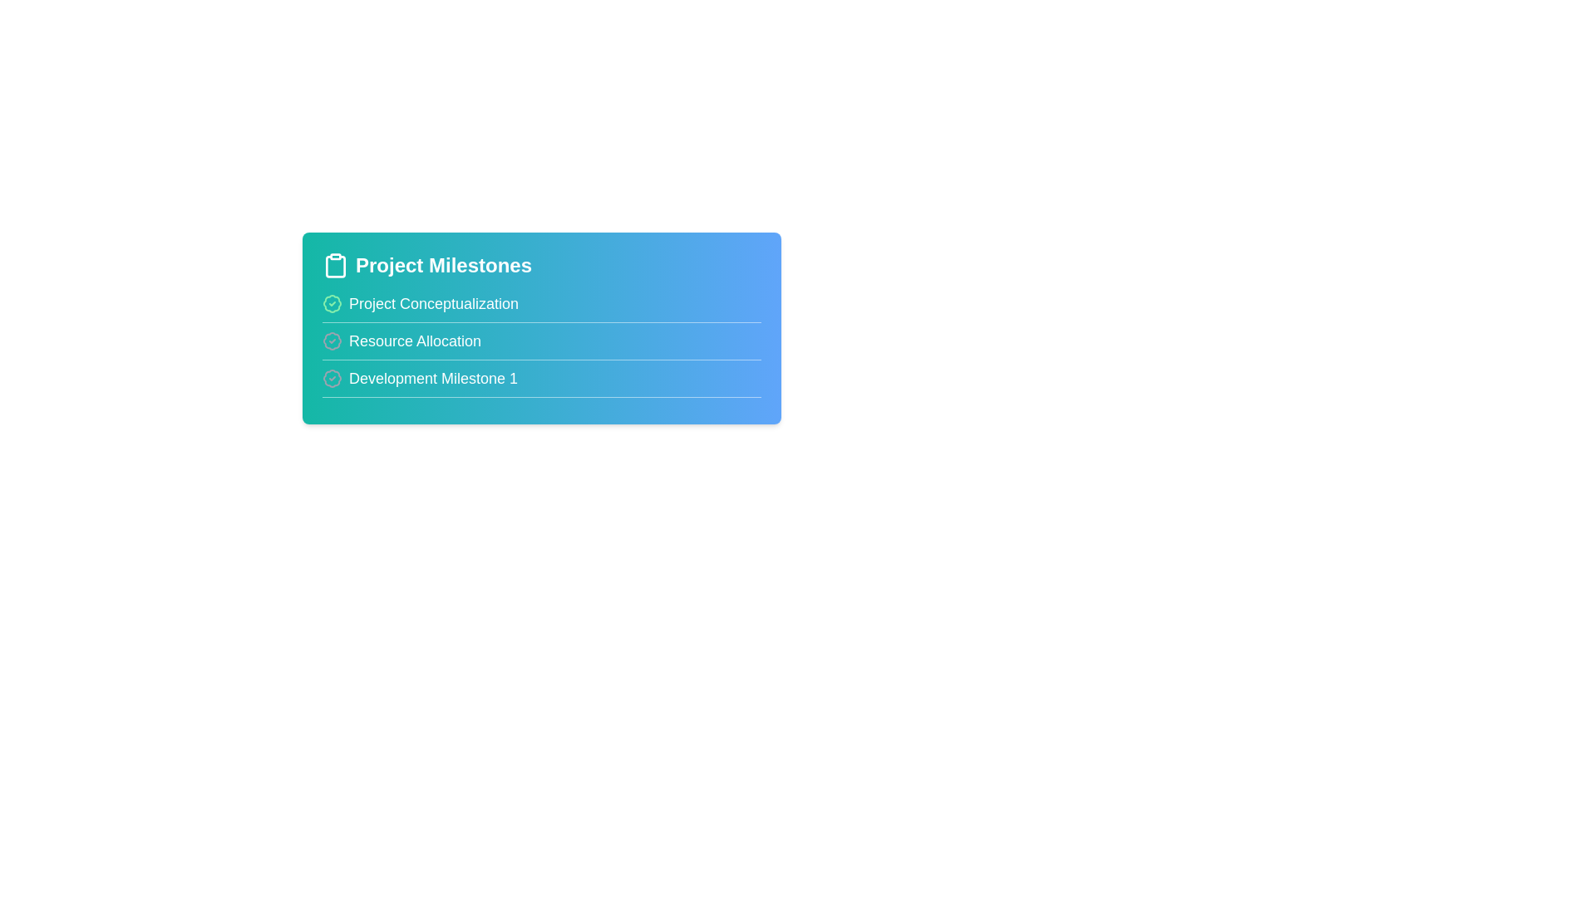 This screenshot has width=1596, height=897. I want to click on the milestone icon for Project Conceptualization to toggle its state, so click(332, 304).